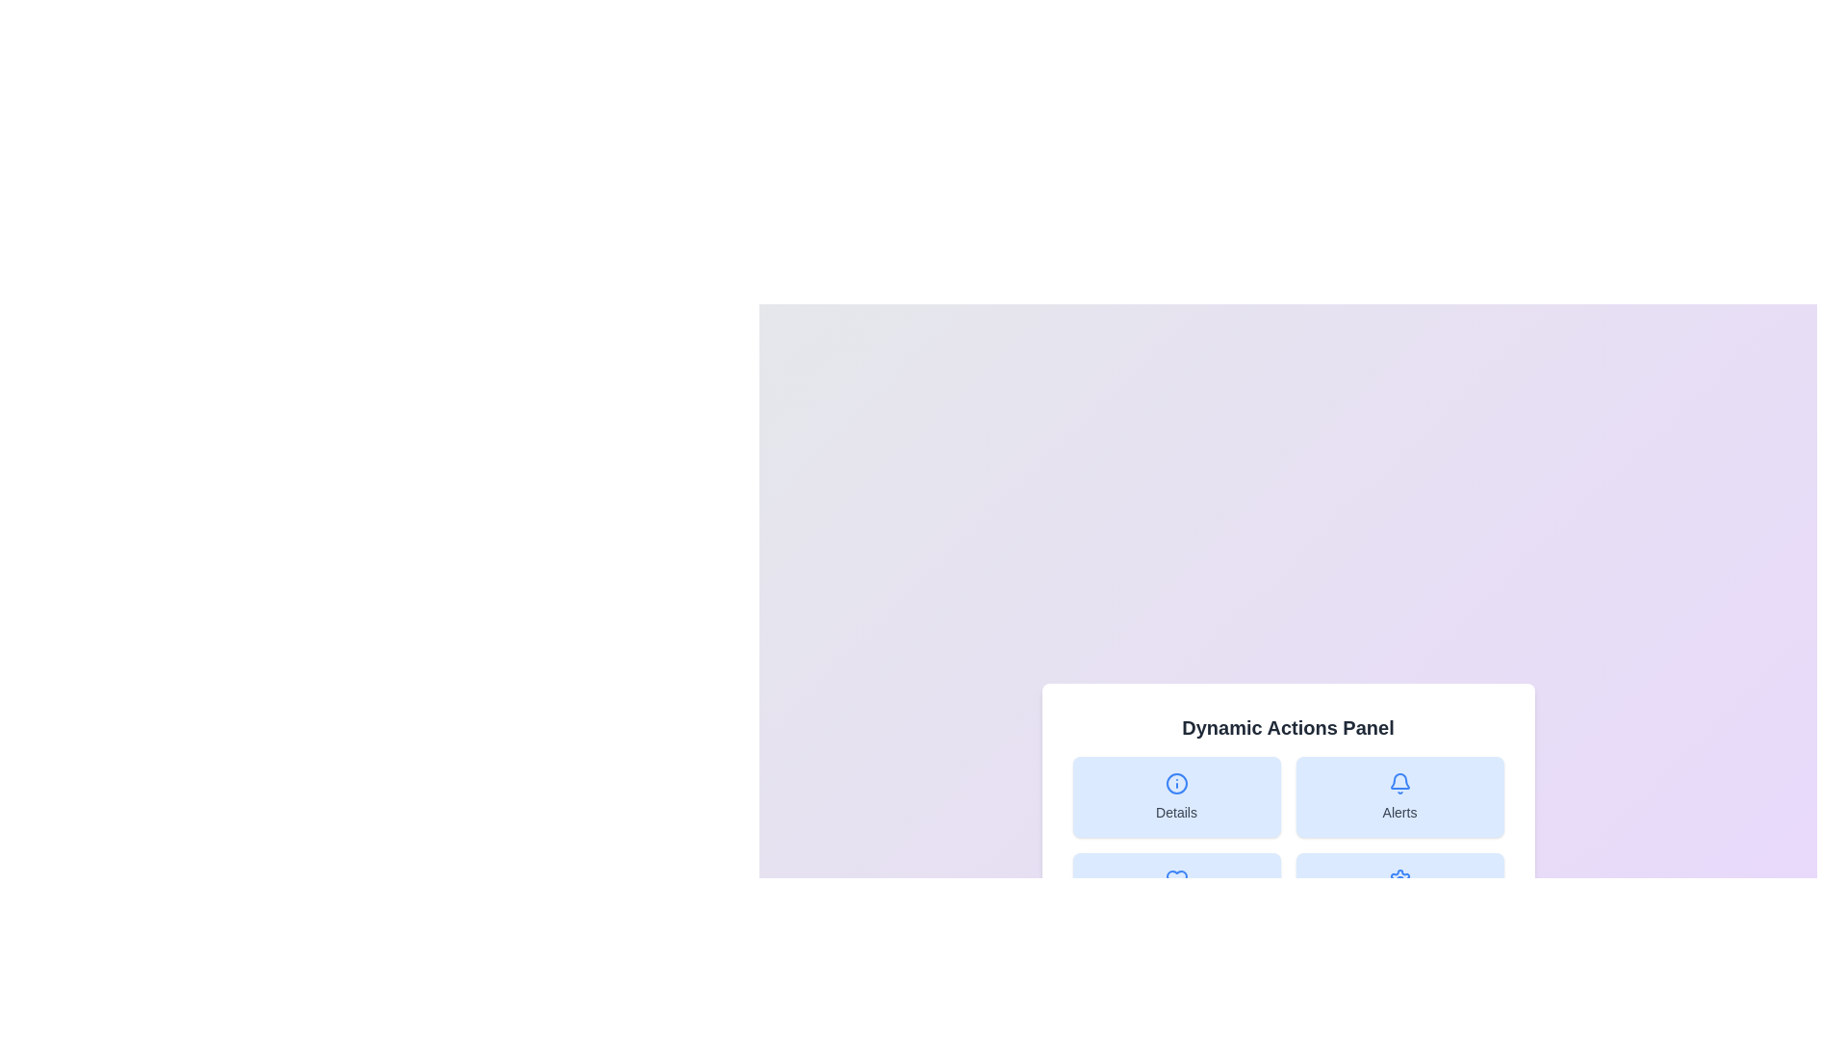  I want to click on the blue heart icon that is styled with thin, rounded lines and located above the 'Favorites' text in the Dynamic Actions Panel, so click(1175, 880).